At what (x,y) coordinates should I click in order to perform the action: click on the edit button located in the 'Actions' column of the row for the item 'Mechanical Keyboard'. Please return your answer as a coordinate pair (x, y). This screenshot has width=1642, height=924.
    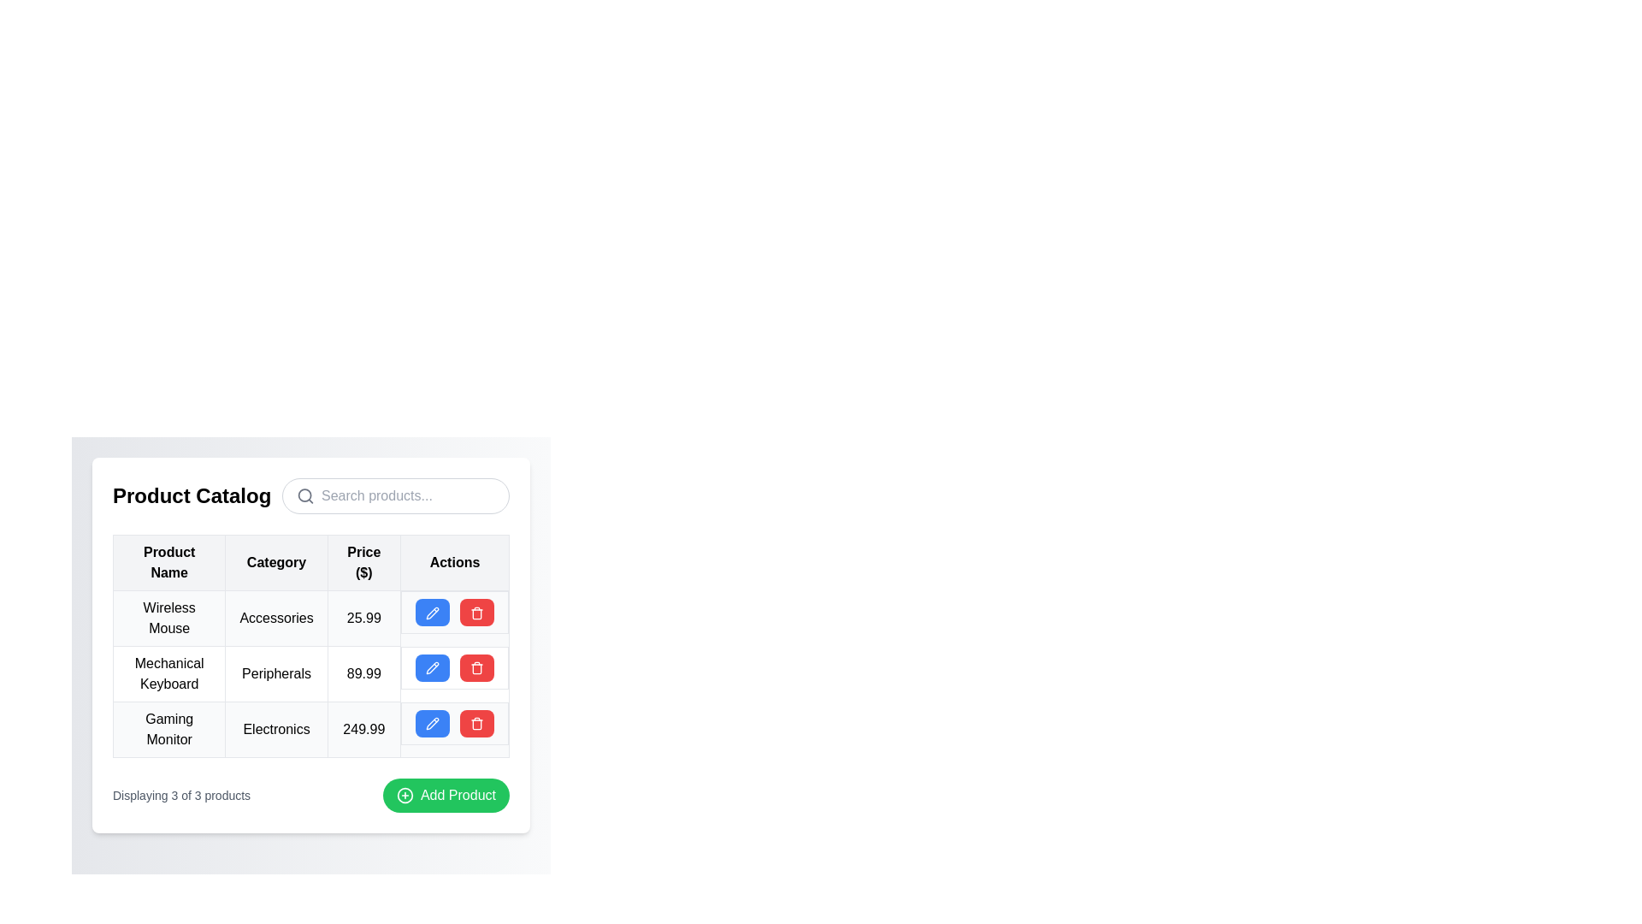
    Looking at the image, I should click on (432, 666).